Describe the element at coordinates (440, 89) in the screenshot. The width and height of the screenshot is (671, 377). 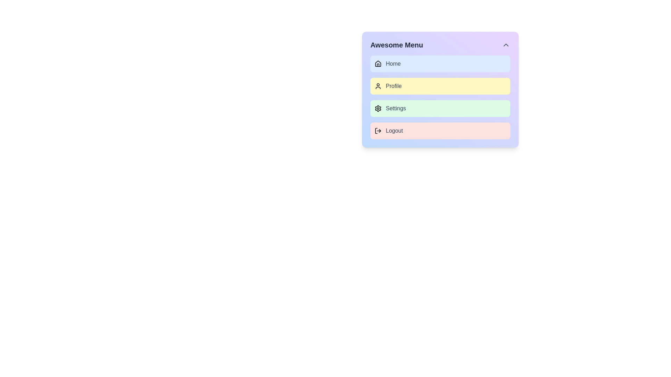
I see `the second button in the vertical menu that navigates to the user's profile section` at that location.